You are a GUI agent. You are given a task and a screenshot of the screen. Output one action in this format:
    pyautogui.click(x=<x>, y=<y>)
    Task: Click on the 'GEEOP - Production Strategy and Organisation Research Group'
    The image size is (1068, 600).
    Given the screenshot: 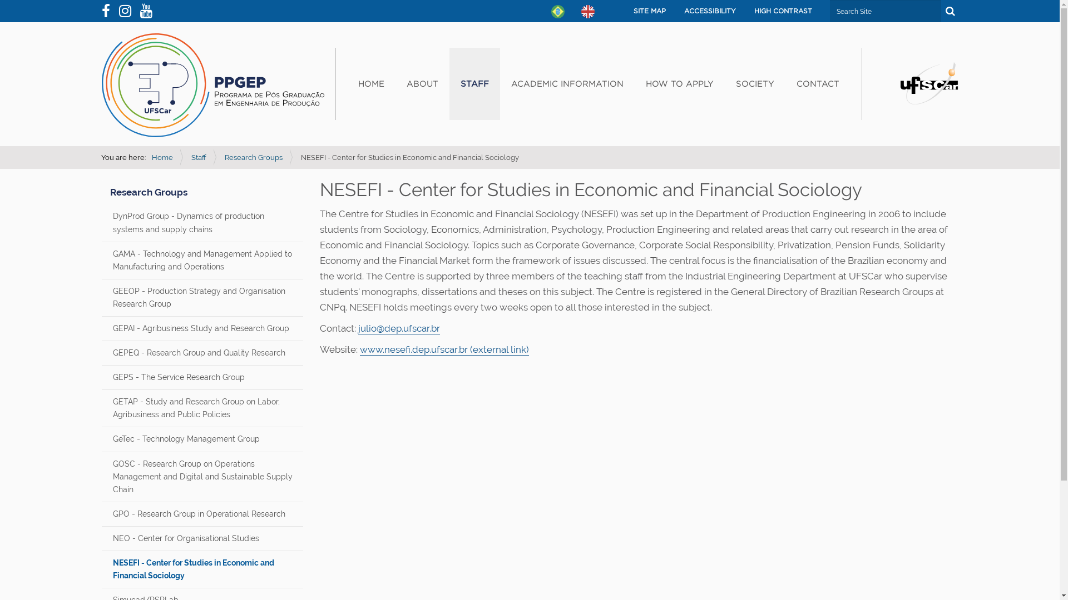 What is the action you would take?
    pyautogui.click(x=202, y=297)
    